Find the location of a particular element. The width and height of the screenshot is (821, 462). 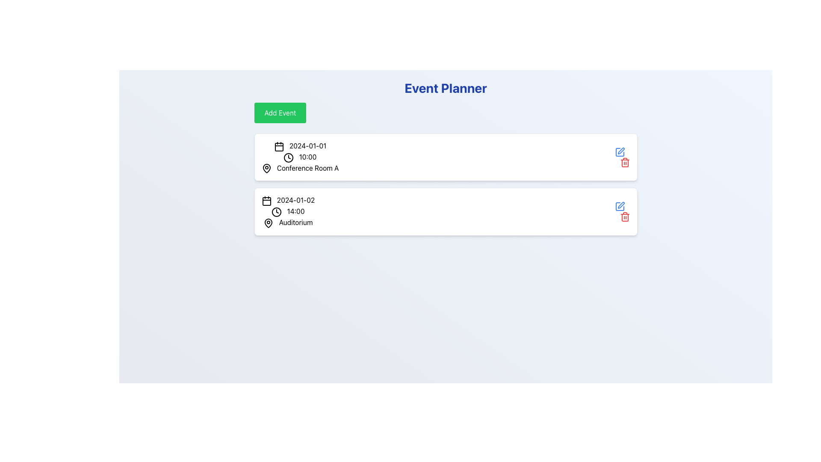

the Text element located at the top center of the interface, which serves as the title or heading for the page, positioned above the 'Add Event' button is located at coordinates (445, 88).